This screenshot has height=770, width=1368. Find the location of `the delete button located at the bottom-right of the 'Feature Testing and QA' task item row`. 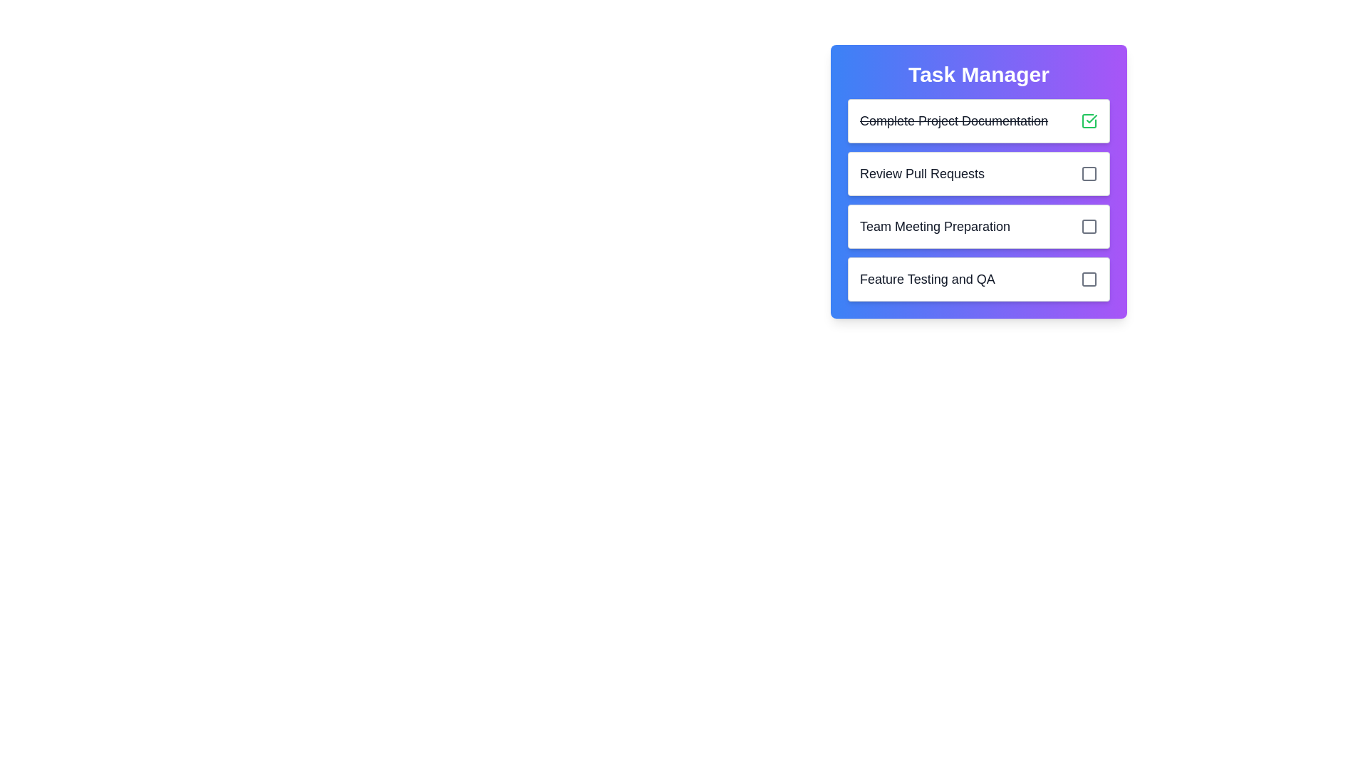

the delete button located at the bottom-right of the 'Feature Testing and QA' task item row is located at coordinates (1089, 279).